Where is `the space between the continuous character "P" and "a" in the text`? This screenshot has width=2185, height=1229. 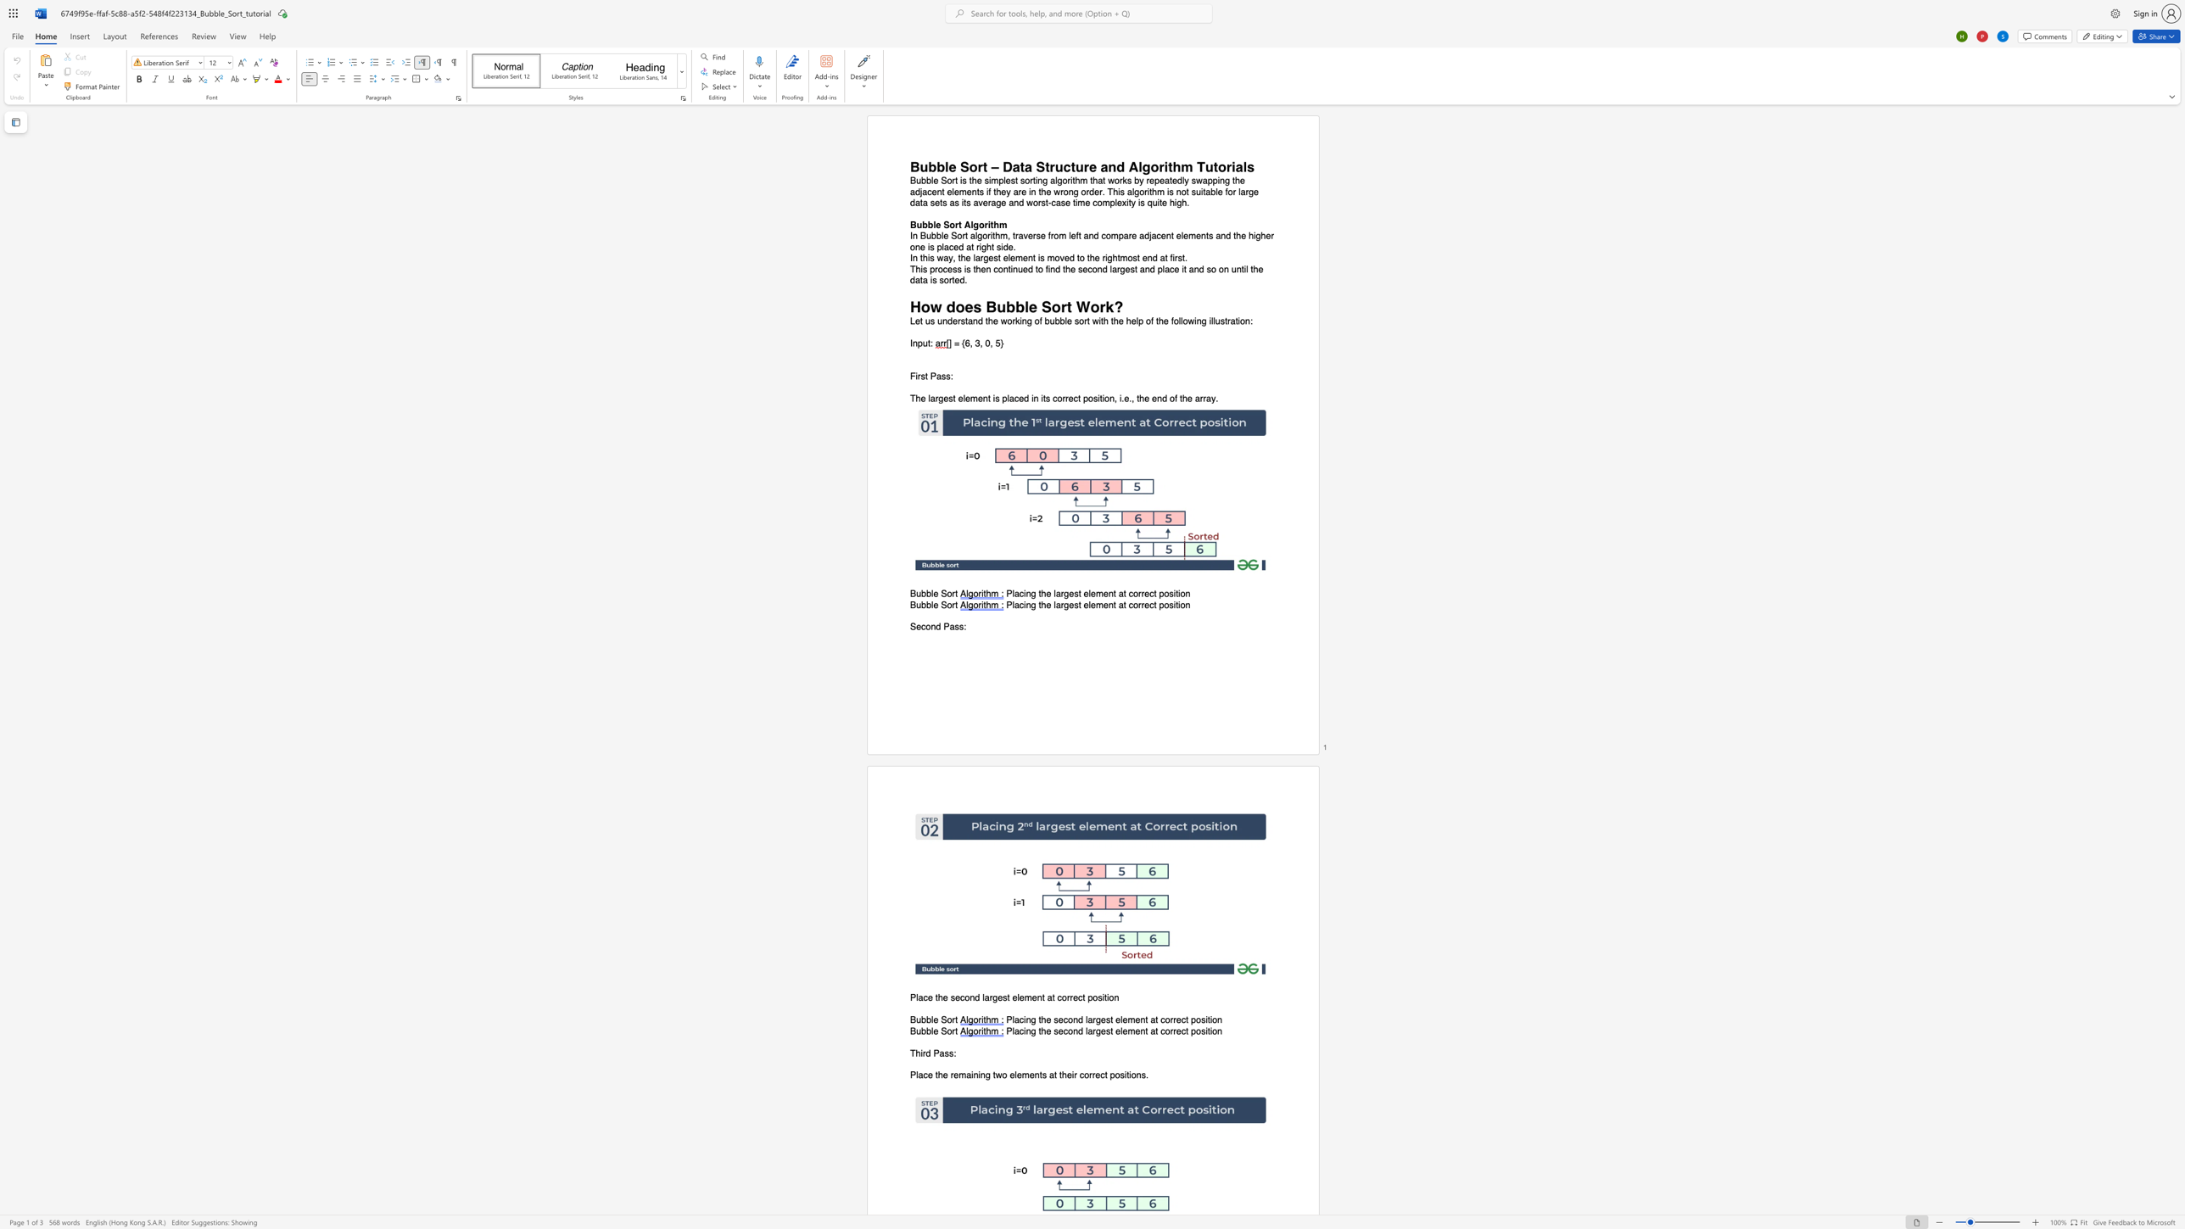
the space between the continuous character "P" and "a" in the text is located at coordinates (936, 377).